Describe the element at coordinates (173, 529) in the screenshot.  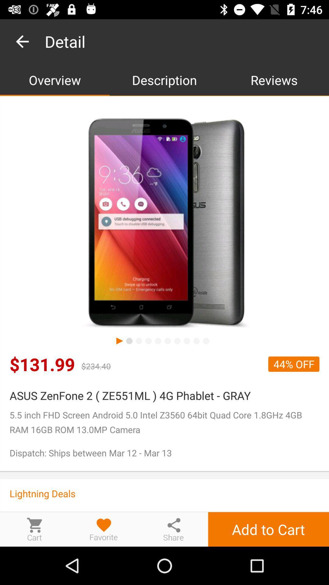
I see `the arrow_backward icon` at that location.